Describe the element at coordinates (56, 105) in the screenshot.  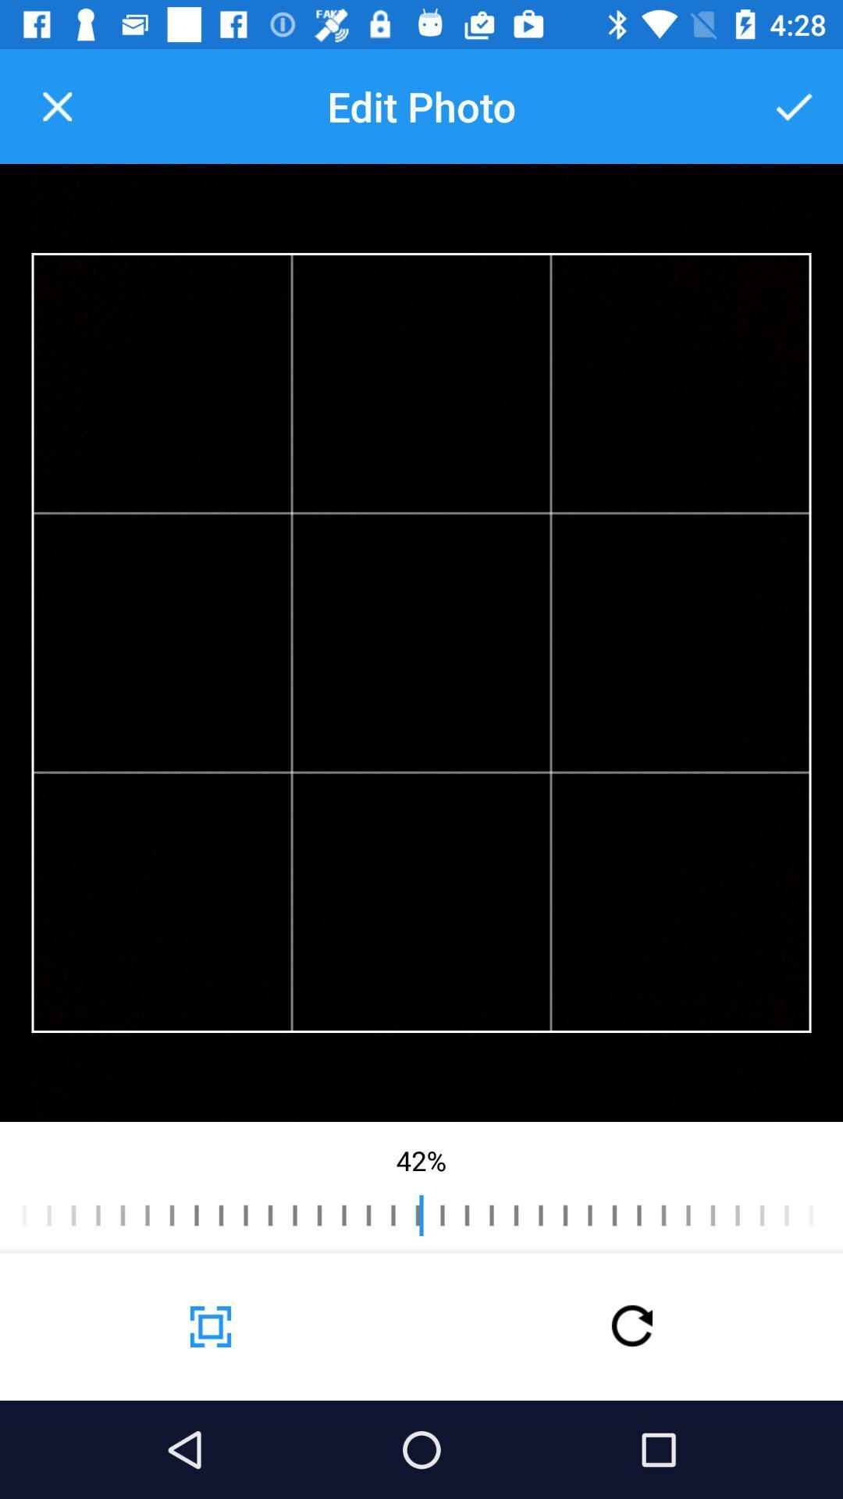
I see `icon at the top left corner` at that location.